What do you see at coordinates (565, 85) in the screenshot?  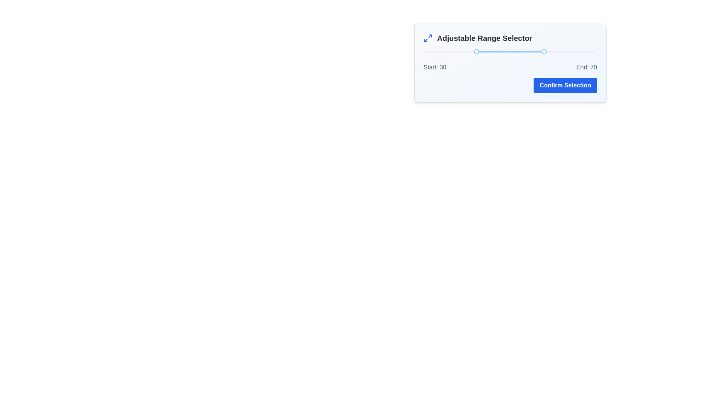 I see `the 'Confirm Selection' button with a blue background and white text` at bounding box center [565, 85].